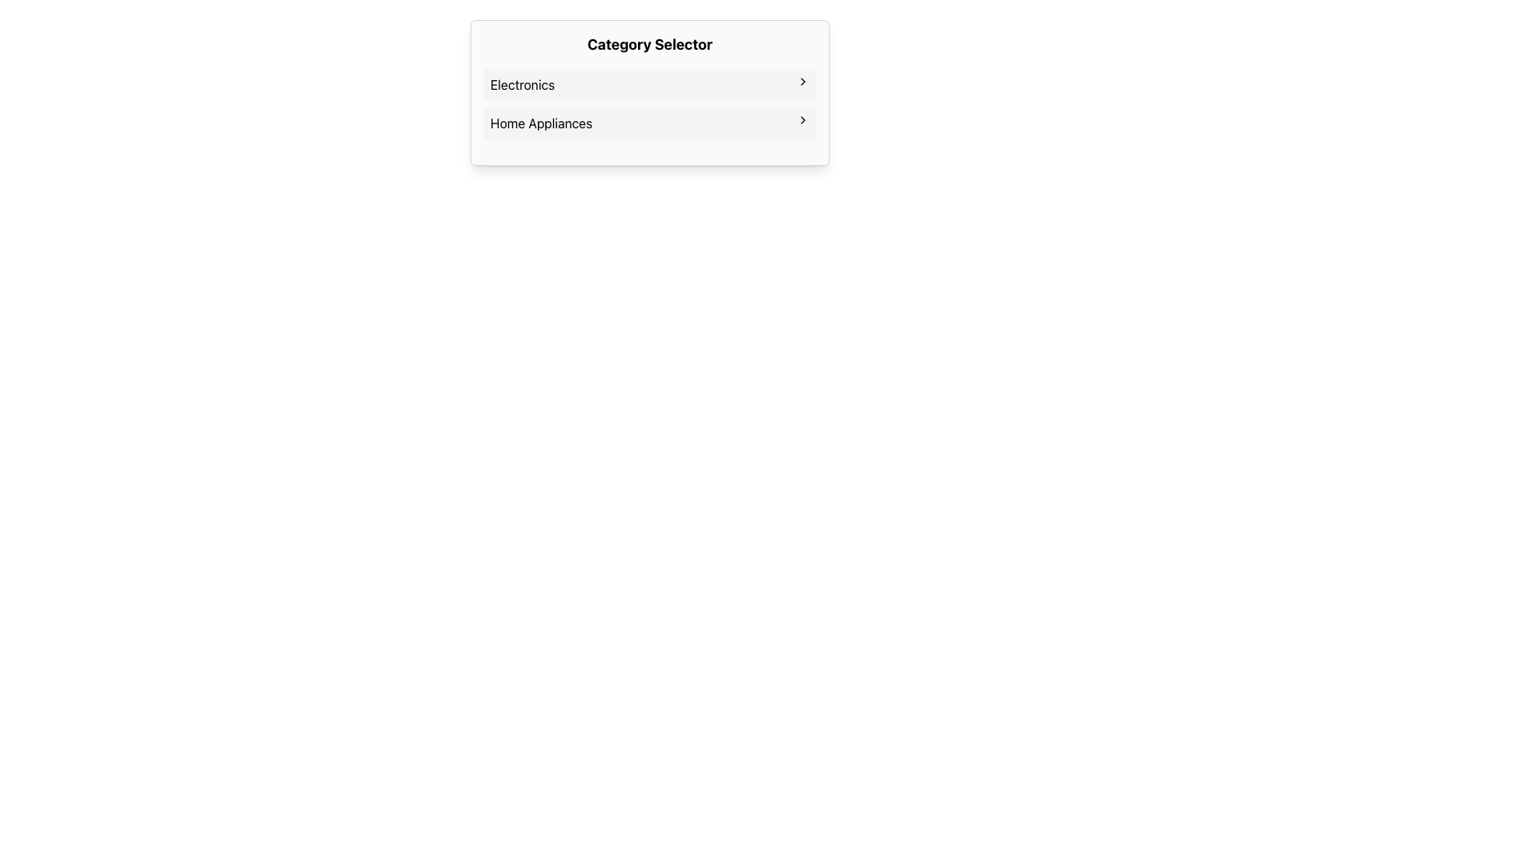 Image resolution: width=1539 pixels, height=866 pixels. I want to click on the 'Home Appliances' text label in the Category Selector interface, so click(541, 123).